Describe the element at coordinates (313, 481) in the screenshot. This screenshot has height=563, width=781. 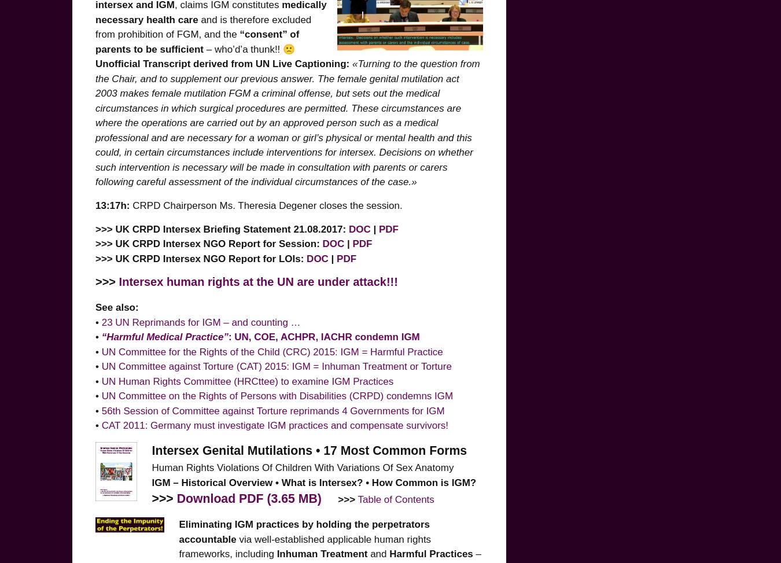
I see `'IGM – Historical Overview • What is Intersex? • How Common is IGM?'` at that location.